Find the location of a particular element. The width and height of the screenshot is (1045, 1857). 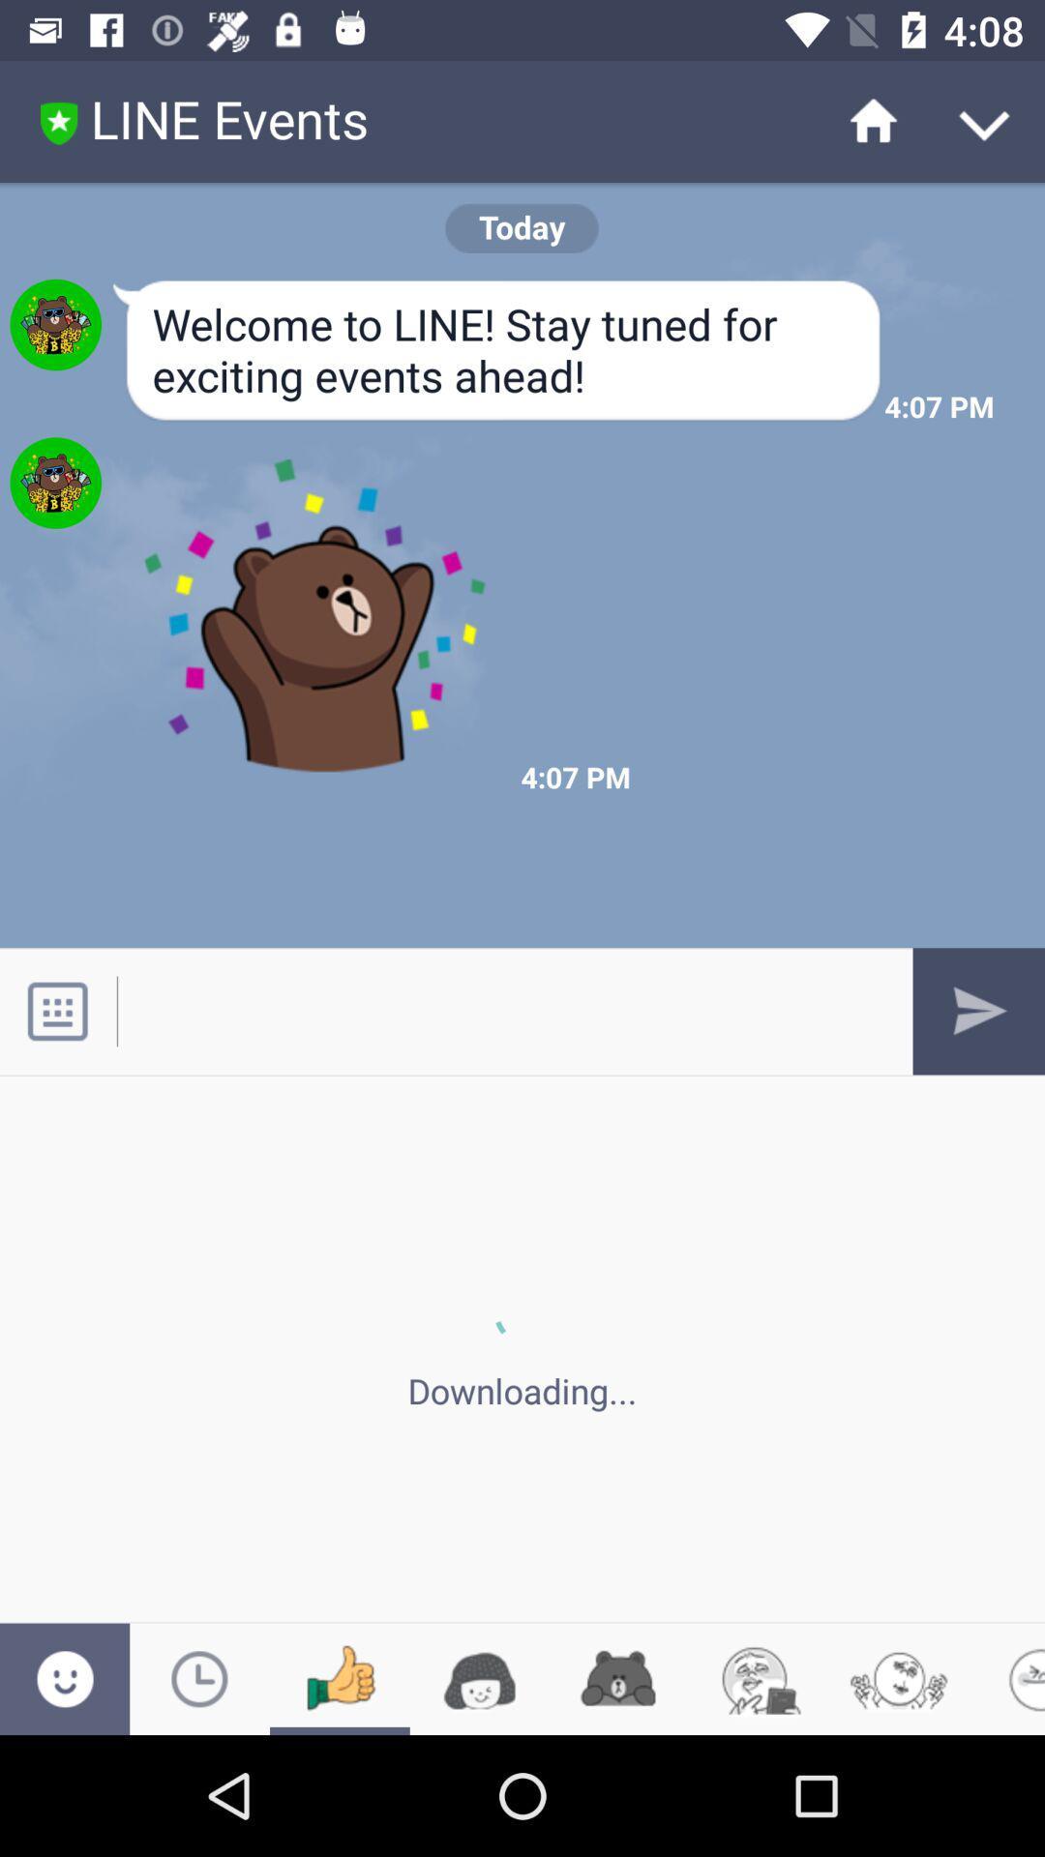

timer at bottom left is located at coordinates (199, 1678).